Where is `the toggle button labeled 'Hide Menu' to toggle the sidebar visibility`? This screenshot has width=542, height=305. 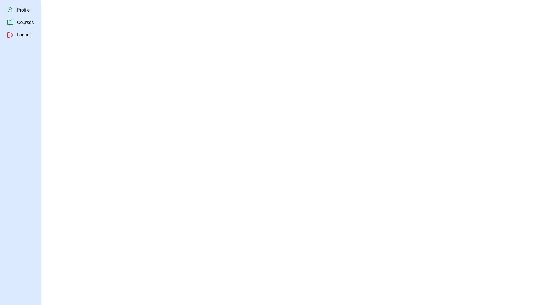 the toggle button labeled 'Hide Menu' to toggle the sidebar visibility is located at coordinates (18, 8).